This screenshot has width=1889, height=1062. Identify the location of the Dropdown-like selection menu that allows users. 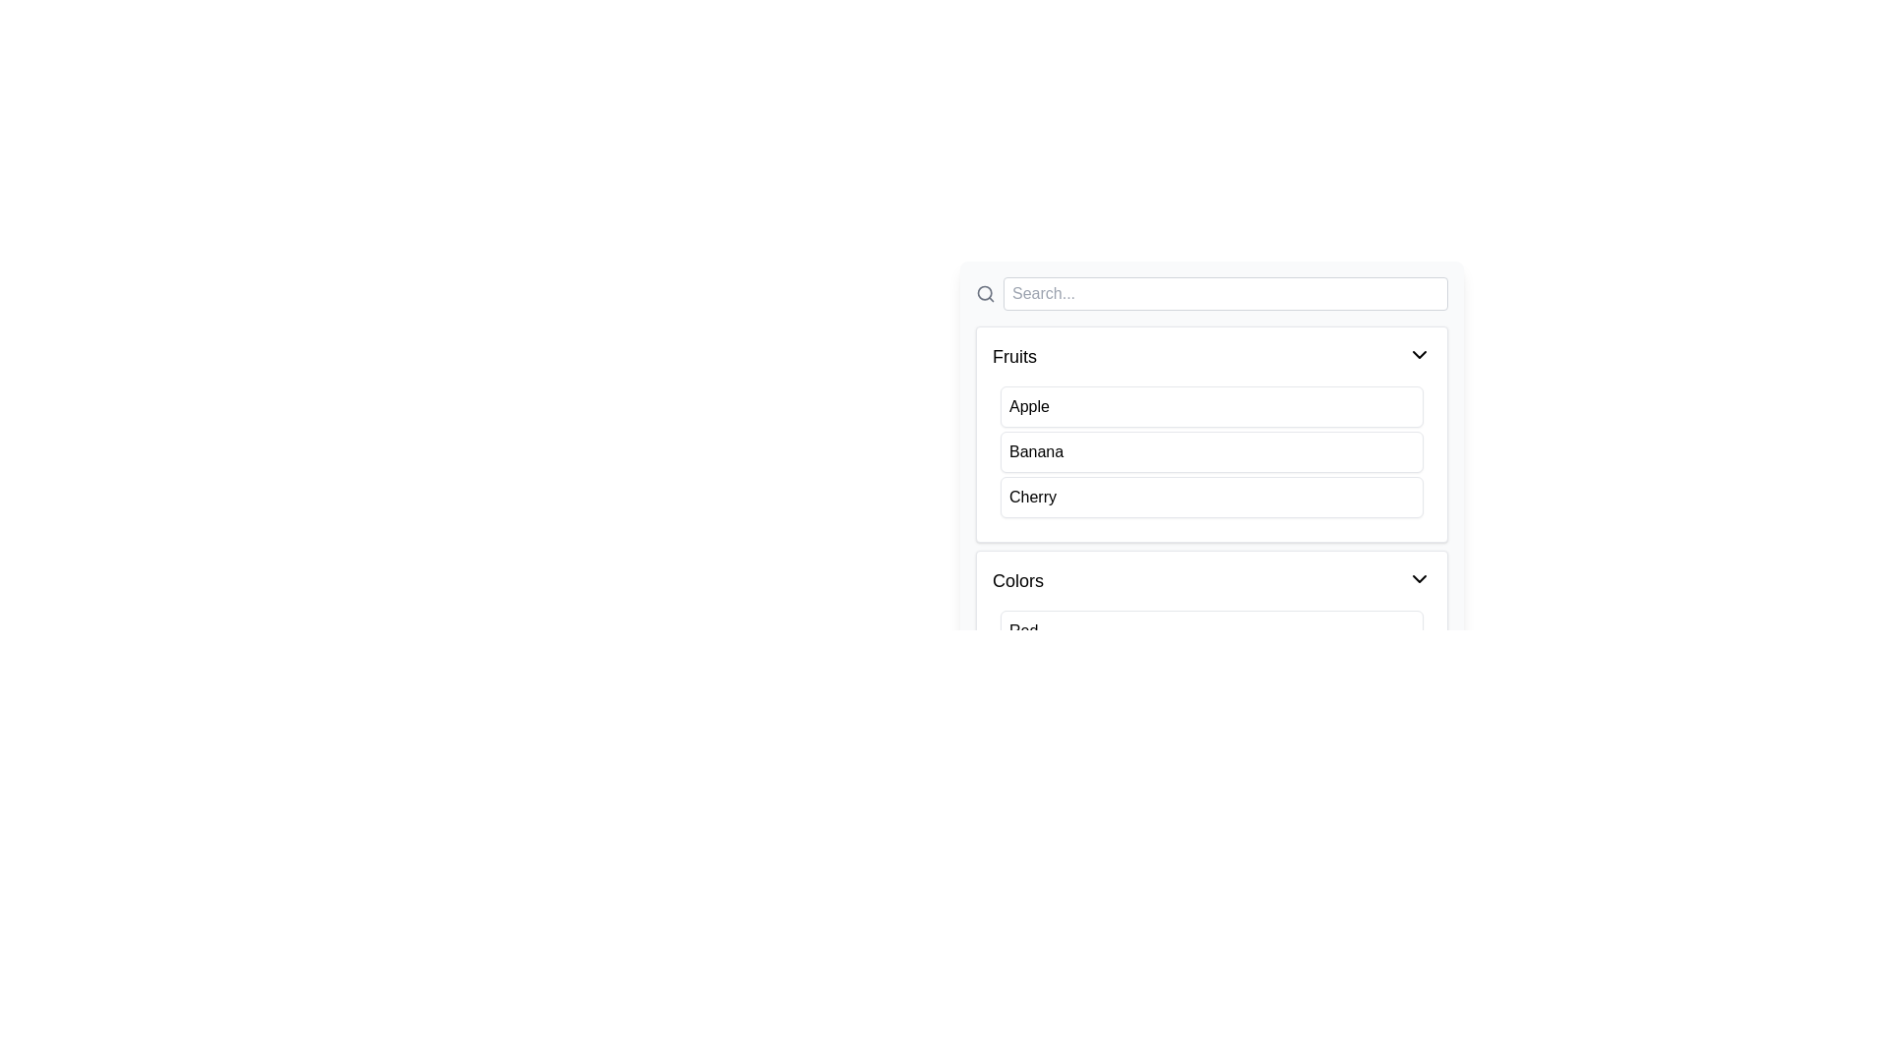
(1211, 659).